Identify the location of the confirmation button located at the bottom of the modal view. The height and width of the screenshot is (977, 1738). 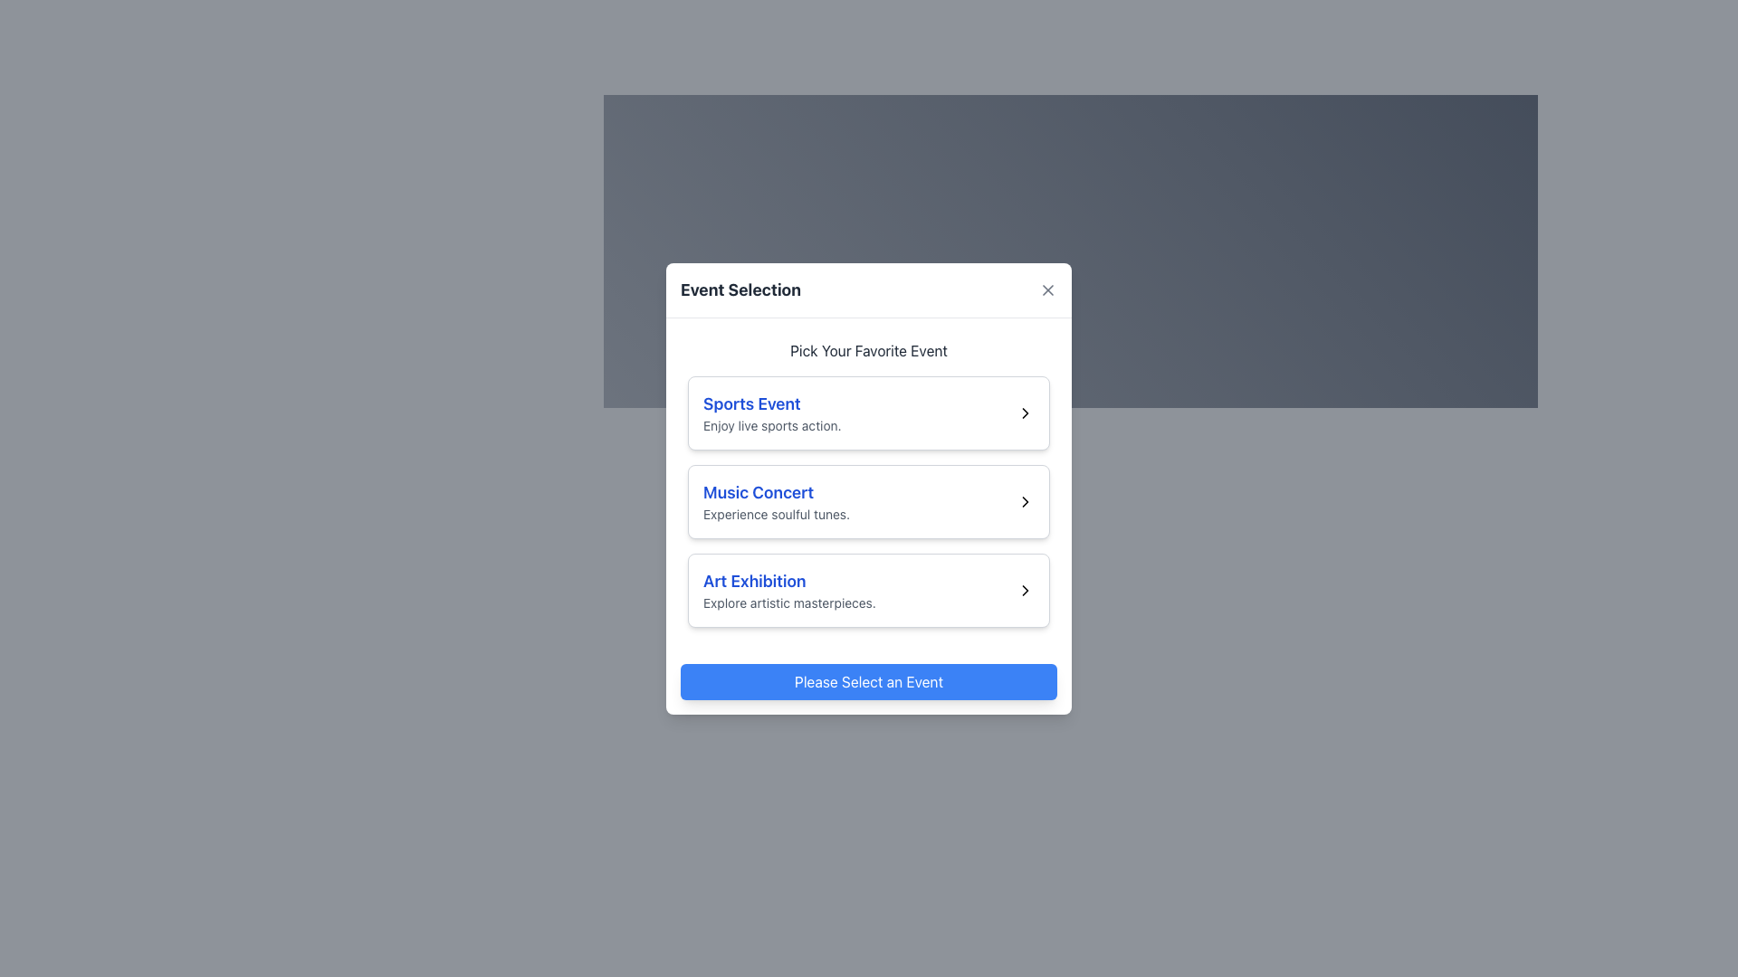
(869, 680).